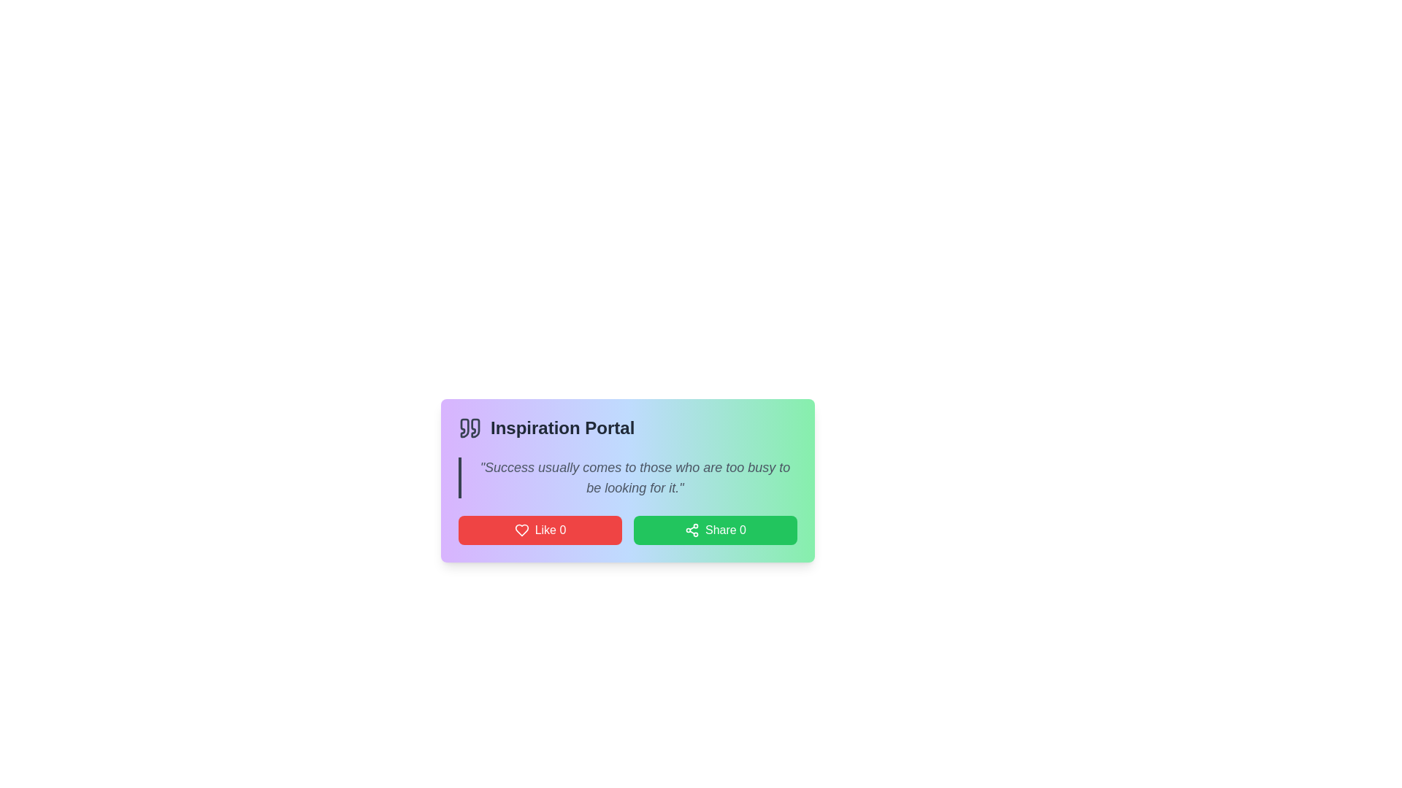 Image resolution: width=1402 pixels, height=788 pixels. I want to click on the left quotation mark icon located at the top-left corner of the 'Inspiration Portal' card to visually indicate the presence of a quote, so click(464, 427).